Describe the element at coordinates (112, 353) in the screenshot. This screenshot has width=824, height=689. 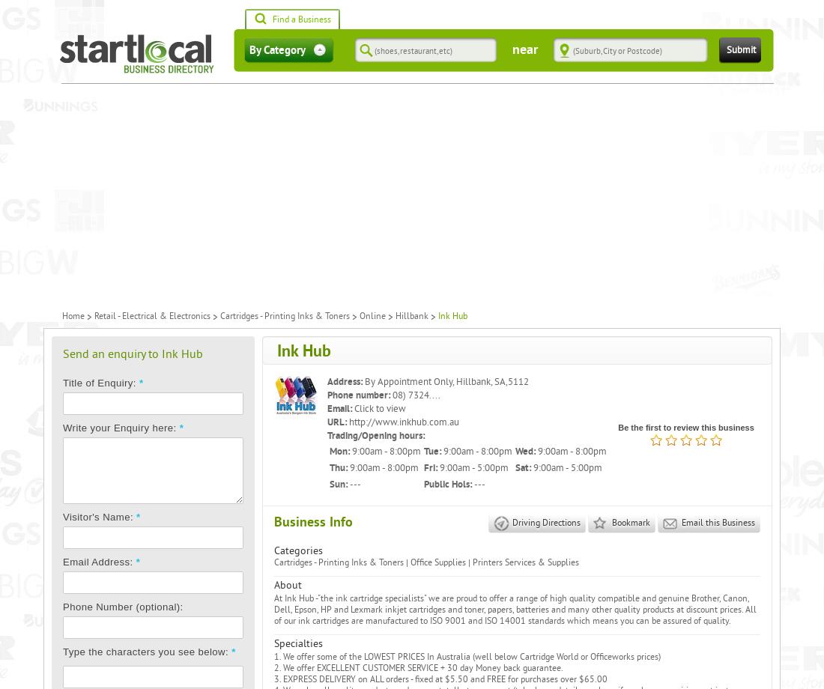
I see `'Send an enquiry to'` at that location.